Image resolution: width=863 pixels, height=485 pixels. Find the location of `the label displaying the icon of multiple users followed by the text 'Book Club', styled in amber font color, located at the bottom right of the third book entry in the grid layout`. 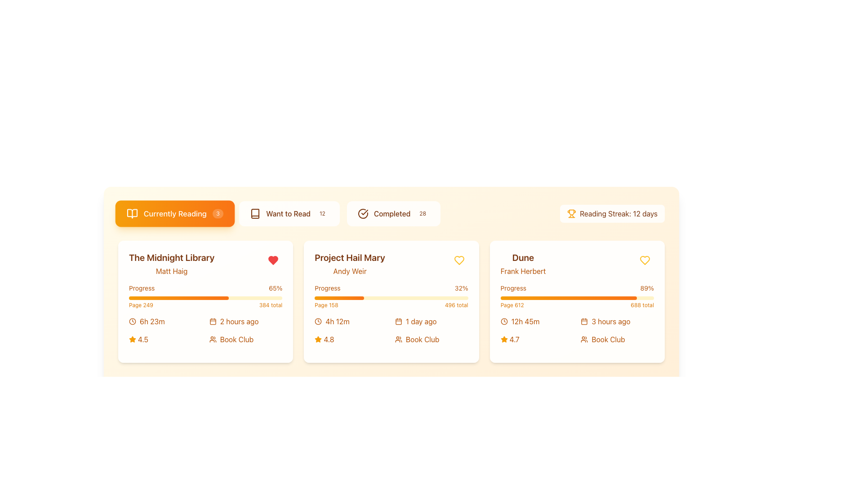

the label displaying the icon of multiple users followed by the text 'Book Club', styled in amber font color, located at the bottom right of the third book entry in the grid layout is located at coordinates (617, 339).